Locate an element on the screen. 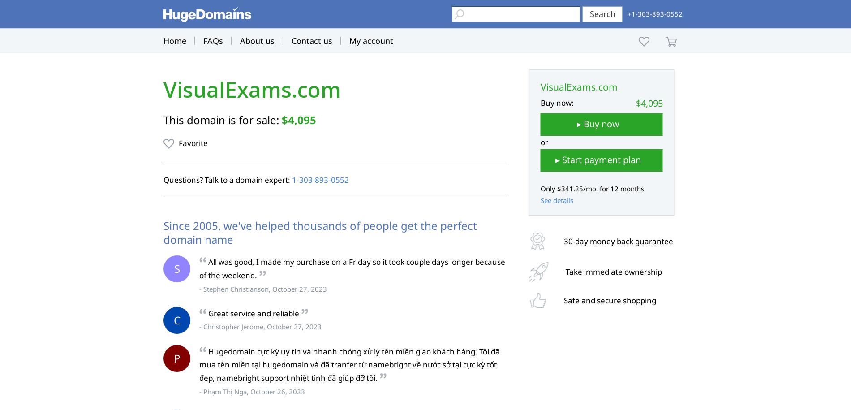 This screenshot has width=851, height=410. '- Phạm Thị Nga, October 26, 2023' is located at coordinates (252, 391).